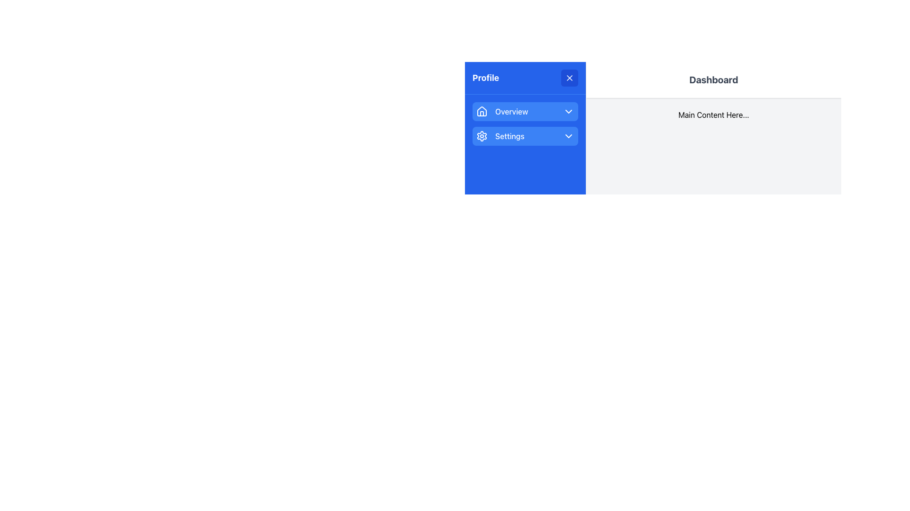 This screenshot has height=511, width=910. Describe the element at coordinates (569, 111) in the screenshot. I see `the Dropdown Icon located to the far right of the 'Overview' label` at that location.